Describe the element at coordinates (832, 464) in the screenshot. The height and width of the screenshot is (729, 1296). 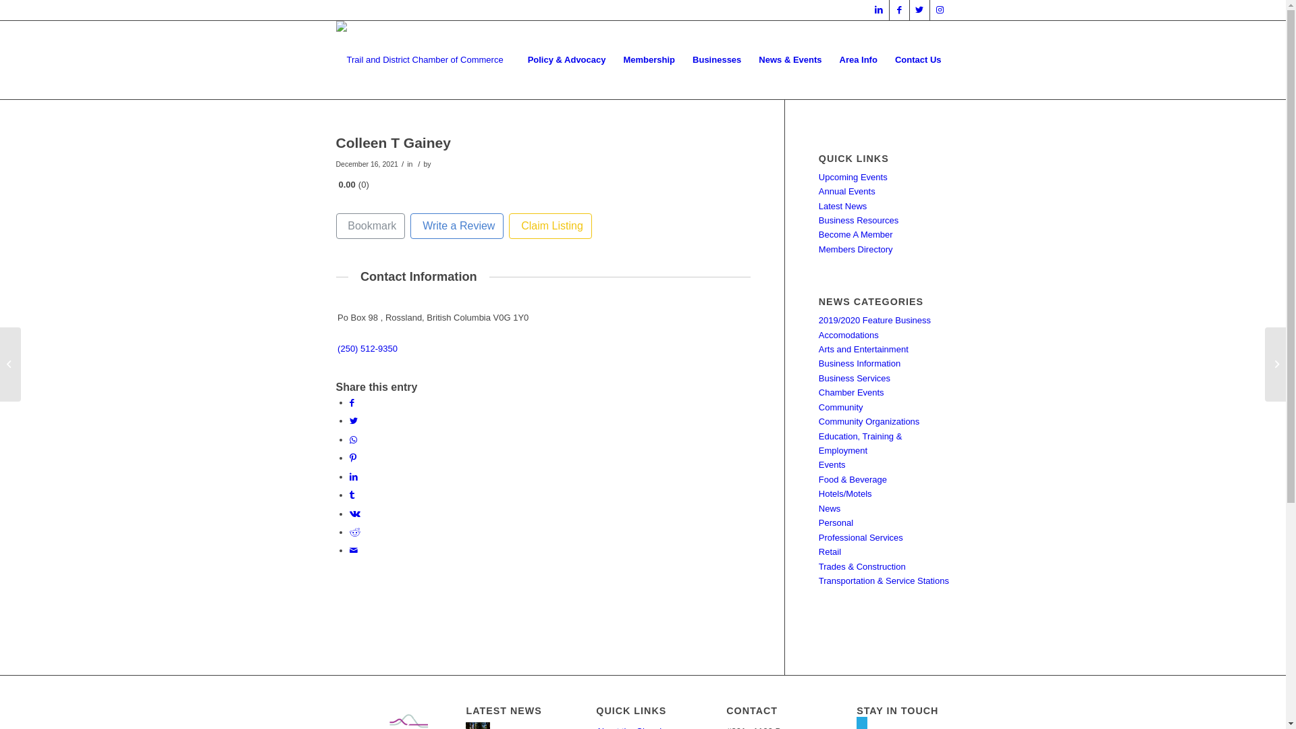
I see `'Events'` at that location.